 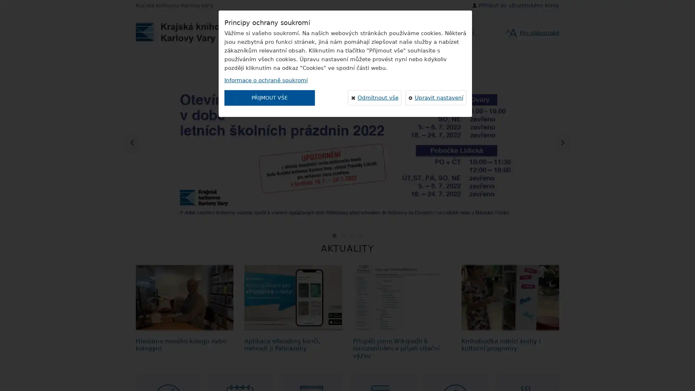 What do you see at coordinates (375, 32) in the screenshot?
I see `HLEDAT` at bounding box center [375, 32].